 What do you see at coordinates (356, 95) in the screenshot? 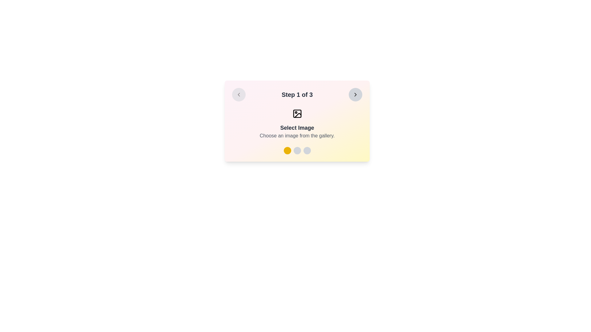
I see `the navigation icon located within the circular button on the right side of the card to proceed to the next step` at bounding box center [356, 95].